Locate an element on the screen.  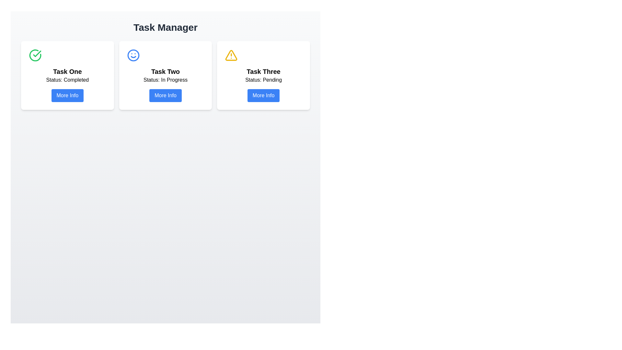
the Label displaying 'Status: Pending' which is located below the title 'Task Three' in the third card from the left is located at coordinates (263, 79).